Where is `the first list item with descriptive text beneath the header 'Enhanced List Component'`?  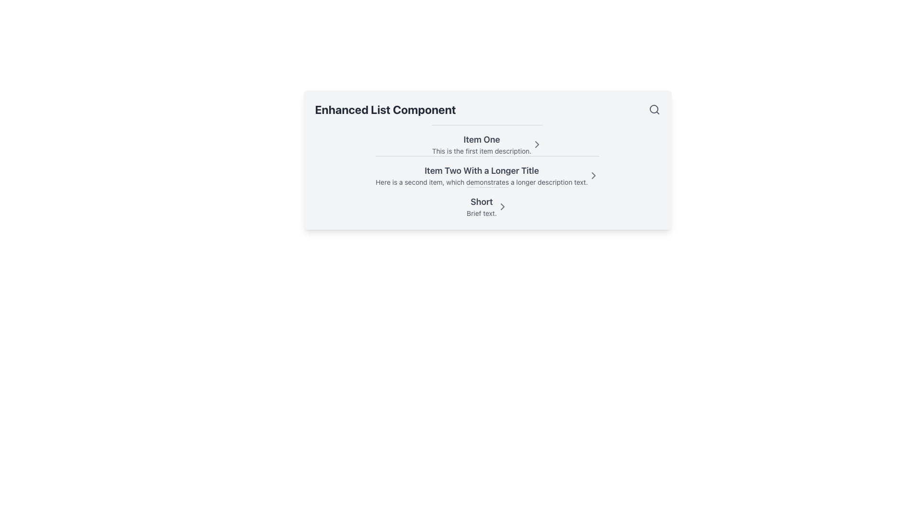 the first list item with descriptive text beneath the header 'Enhanced List Component' is located at coordinates (487, 144).